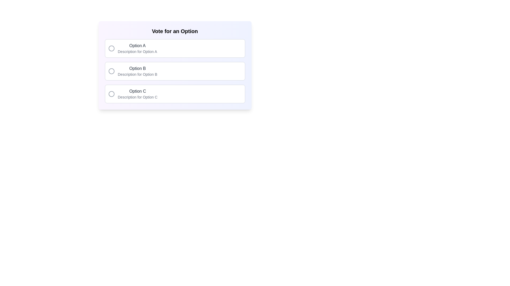 The image size is (510, 286). Describe the element at coordinates (138, 97) in the screenshot. I see `the descriptive text label for 'Option C' located below the option in the voting interface` at that location.